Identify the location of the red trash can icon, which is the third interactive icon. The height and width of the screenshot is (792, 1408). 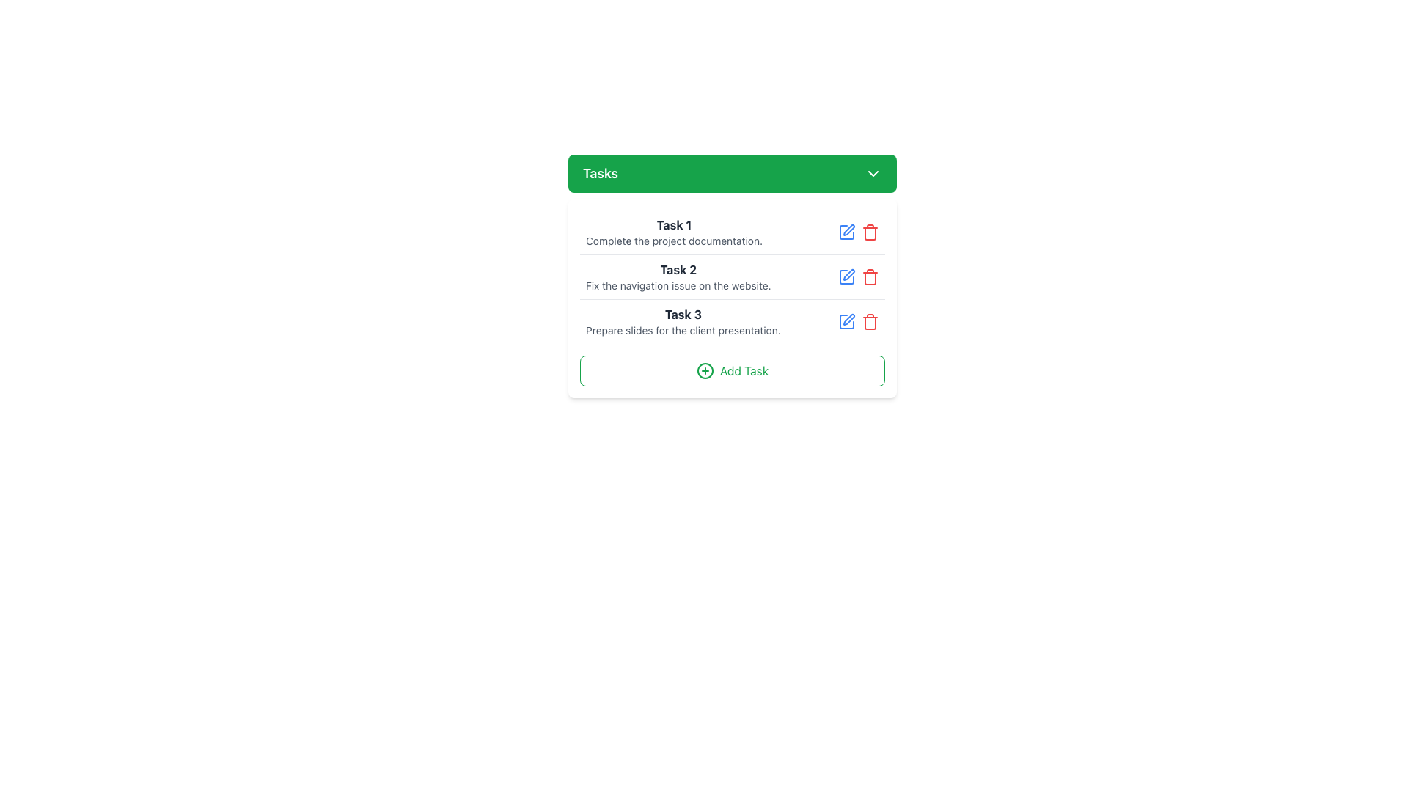
(870, 231).